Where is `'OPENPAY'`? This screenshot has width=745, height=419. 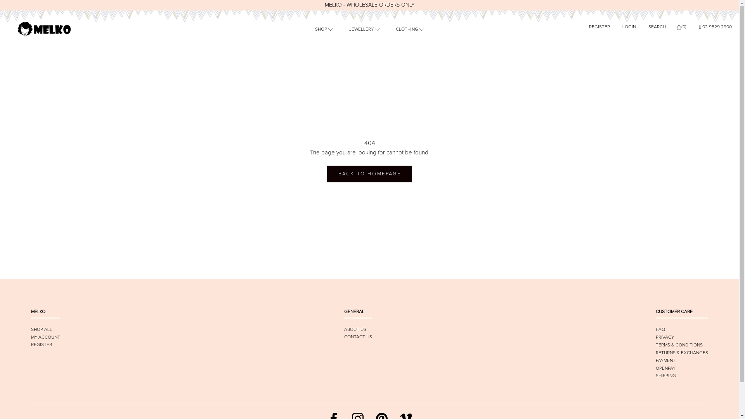 'OPENPAY' is located at coordinates (655, 368).